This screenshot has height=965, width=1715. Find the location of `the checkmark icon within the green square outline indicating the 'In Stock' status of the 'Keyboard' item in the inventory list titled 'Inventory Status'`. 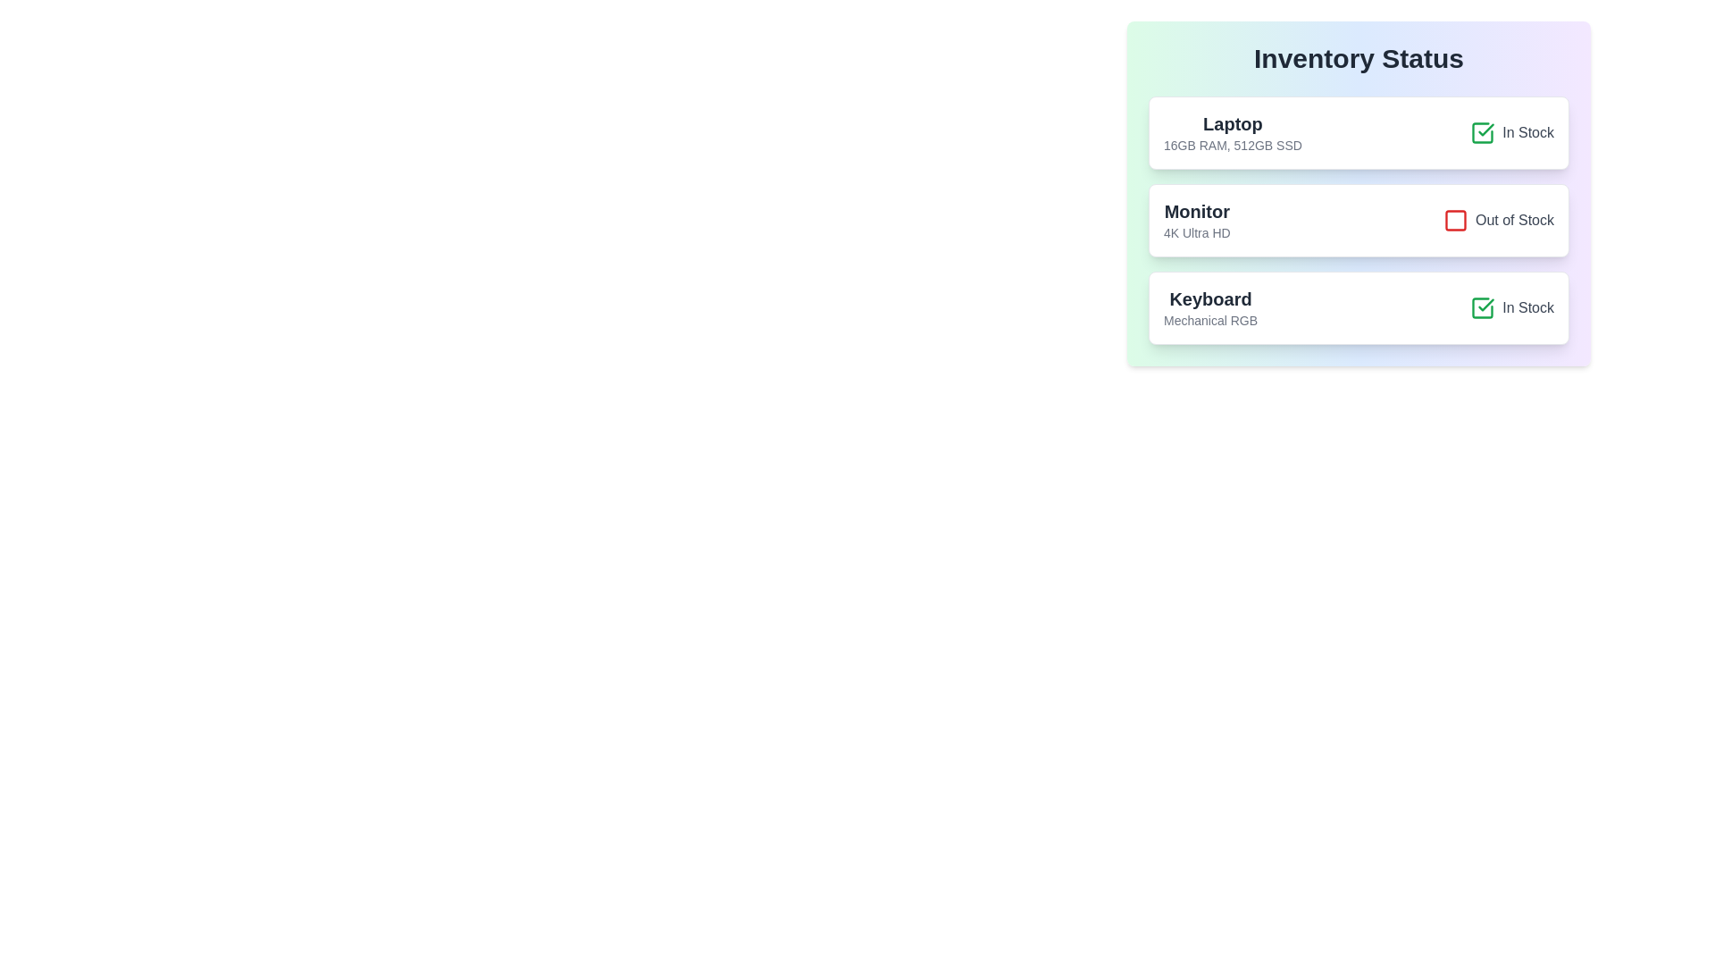

the checkmark icon within the green square outline indicating the 'In Stock' status of the 'Keyboard' item in the inventory list titled 'Inventory Status' is located at coordinates (1486, 129).